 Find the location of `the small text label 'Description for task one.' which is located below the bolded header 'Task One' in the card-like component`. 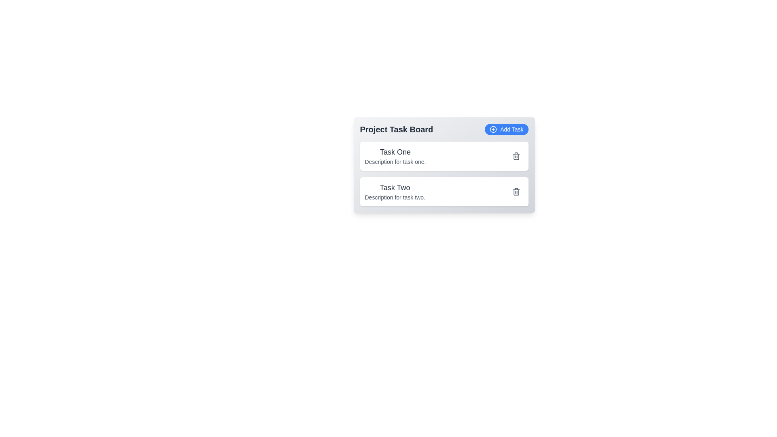

the small text label 'Description for task one.' which is located below the bolded header 'Task One' in the card-like component is located at coordinates (395, 162).